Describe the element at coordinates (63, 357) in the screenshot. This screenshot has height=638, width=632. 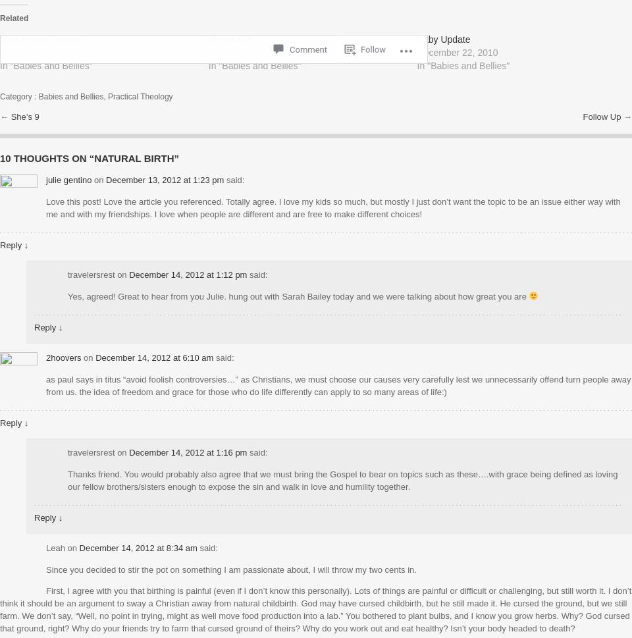
I see `'2hoovers'` at that location.